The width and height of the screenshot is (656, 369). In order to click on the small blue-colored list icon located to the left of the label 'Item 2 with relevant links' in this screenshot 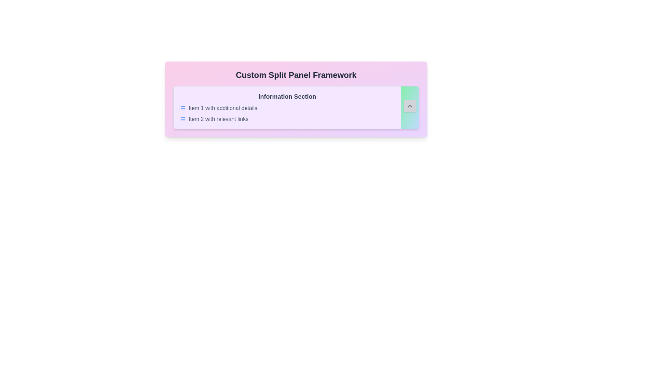, I will do `click(182, 119)`.